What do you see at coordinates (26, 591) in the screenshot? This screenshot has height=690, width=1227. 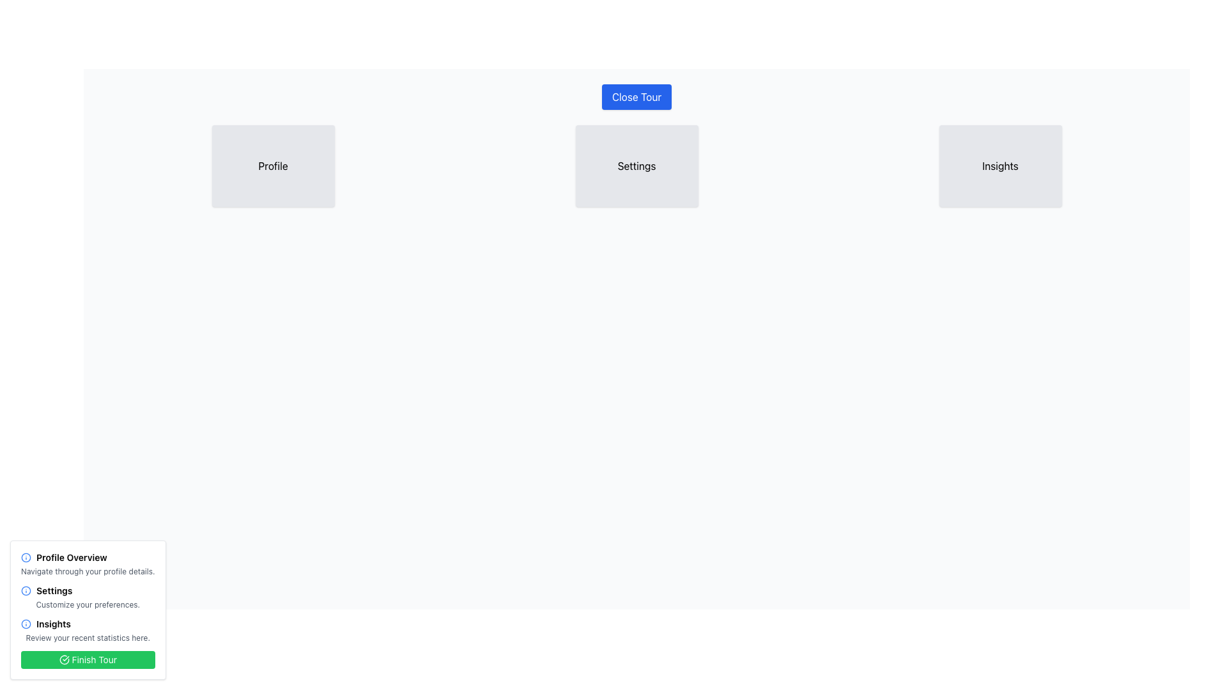 I see `the info icon located to the left of the 'Settings' label` at bounding box center [26, 591].